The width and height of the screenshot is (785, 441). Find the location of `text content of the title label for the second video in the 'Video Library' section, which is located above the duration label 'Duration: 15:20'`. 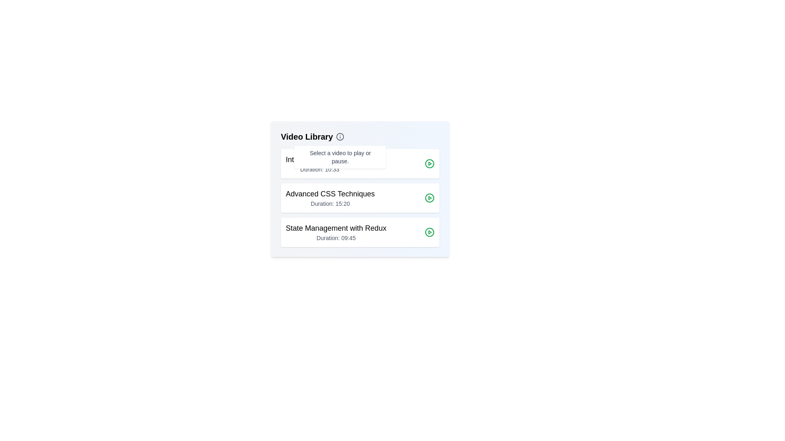

text content of the title label for the second video in the 'Video Library' section, which is located above the duration label 'Duration: 15:20' is located at coordinates (330, 194).